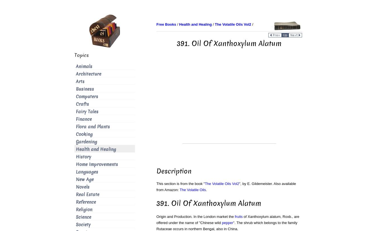 This screenshot has width=381, height=231. Describe the element at coordinates (87, 172) in the screenshot. I see `'Languages'` at that location.